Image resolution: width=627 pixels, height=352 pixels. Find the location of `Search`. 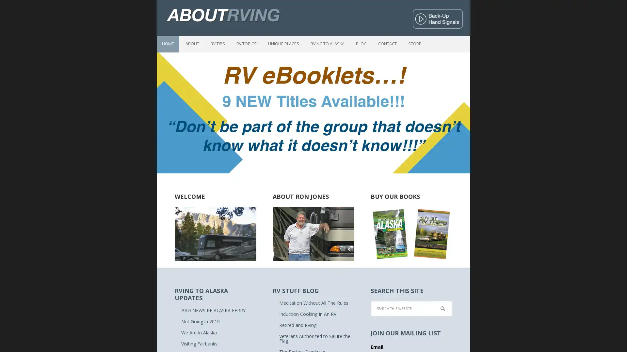

Search is located at coordinates (451, 307).